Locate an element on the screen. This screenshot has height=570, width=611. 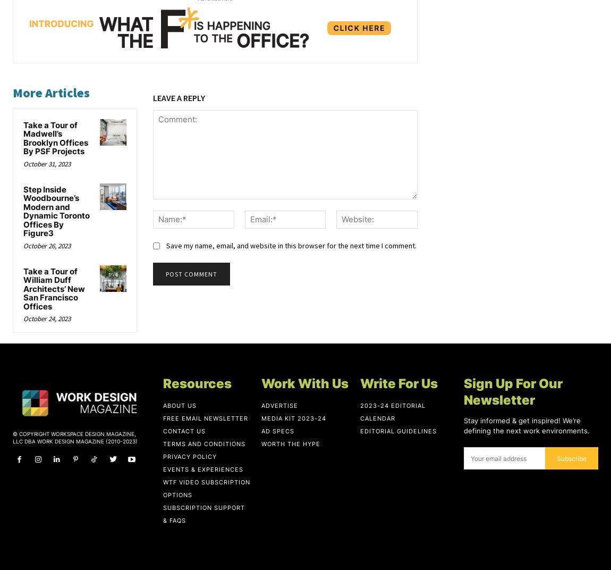
'About Us' is located at coordinates (180, 406).